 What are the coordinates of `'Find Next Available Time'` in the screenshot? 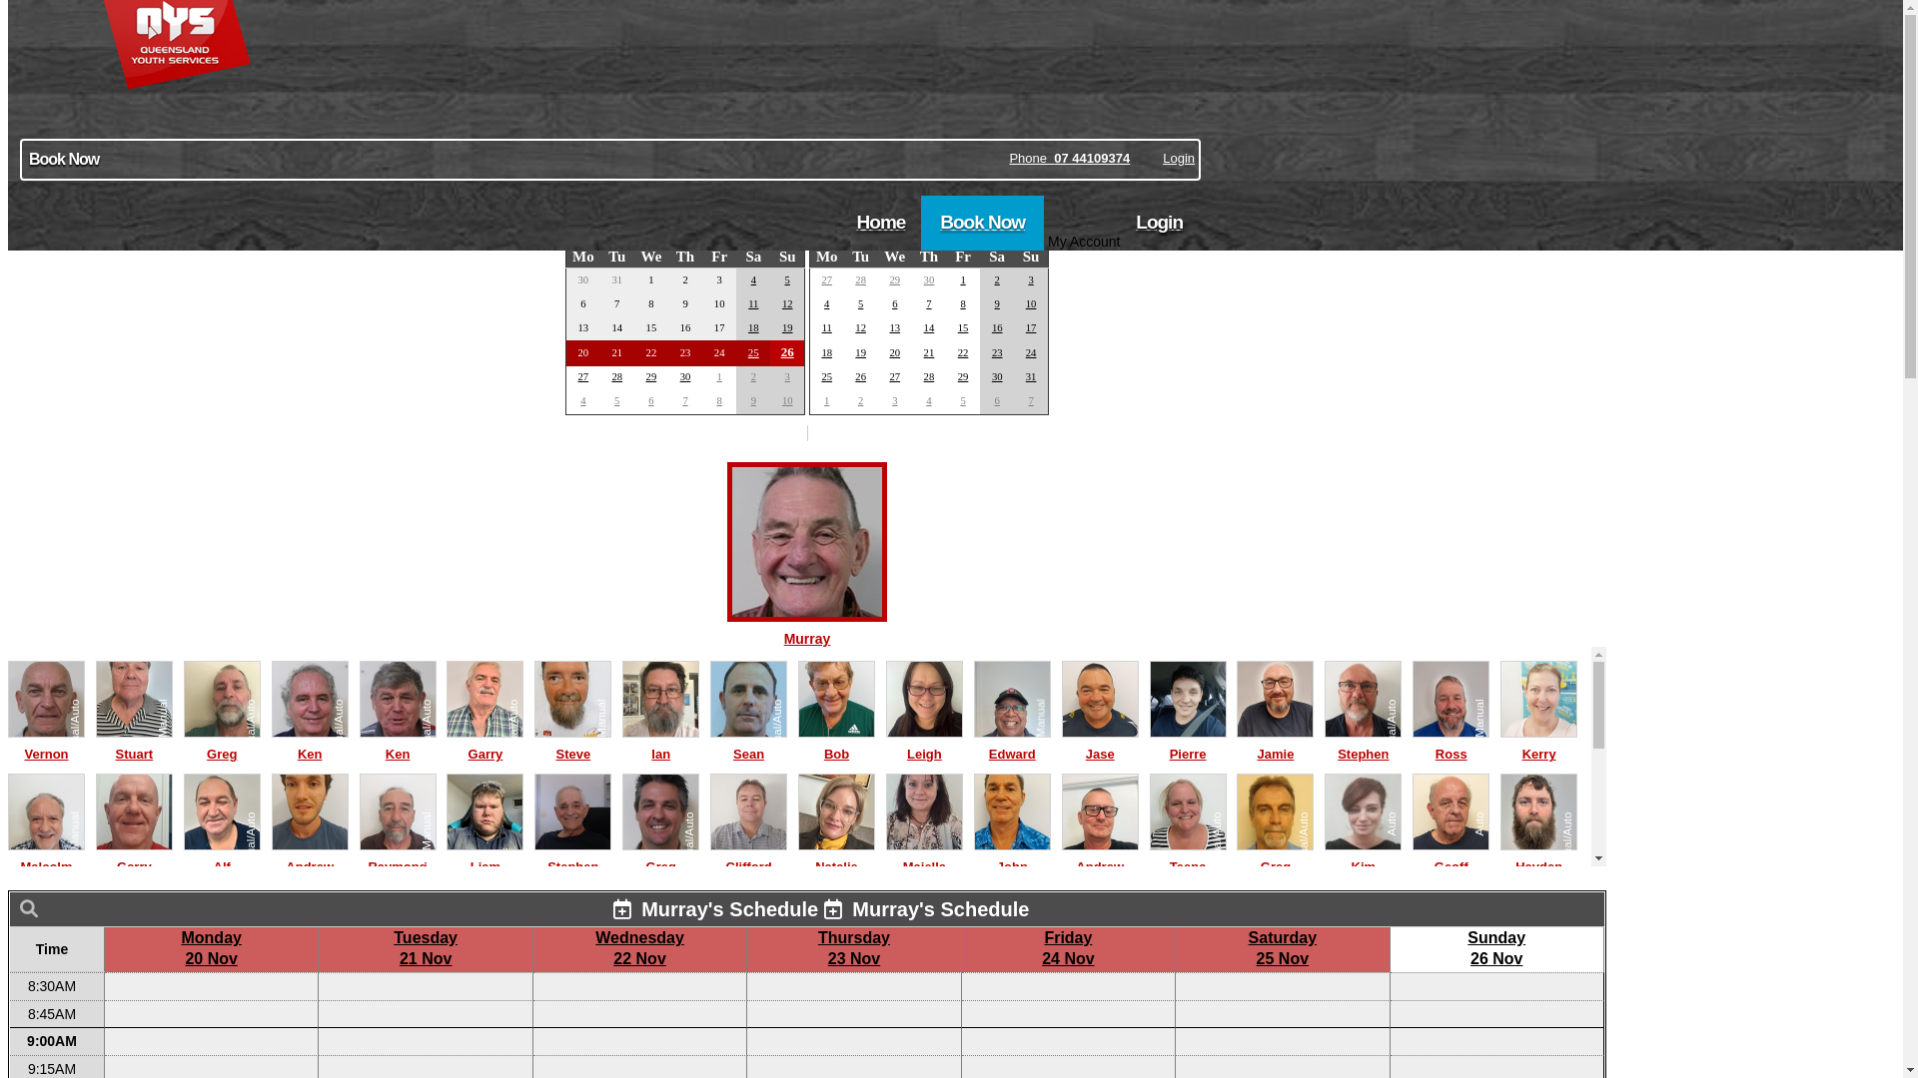 It's located at (806, 161).